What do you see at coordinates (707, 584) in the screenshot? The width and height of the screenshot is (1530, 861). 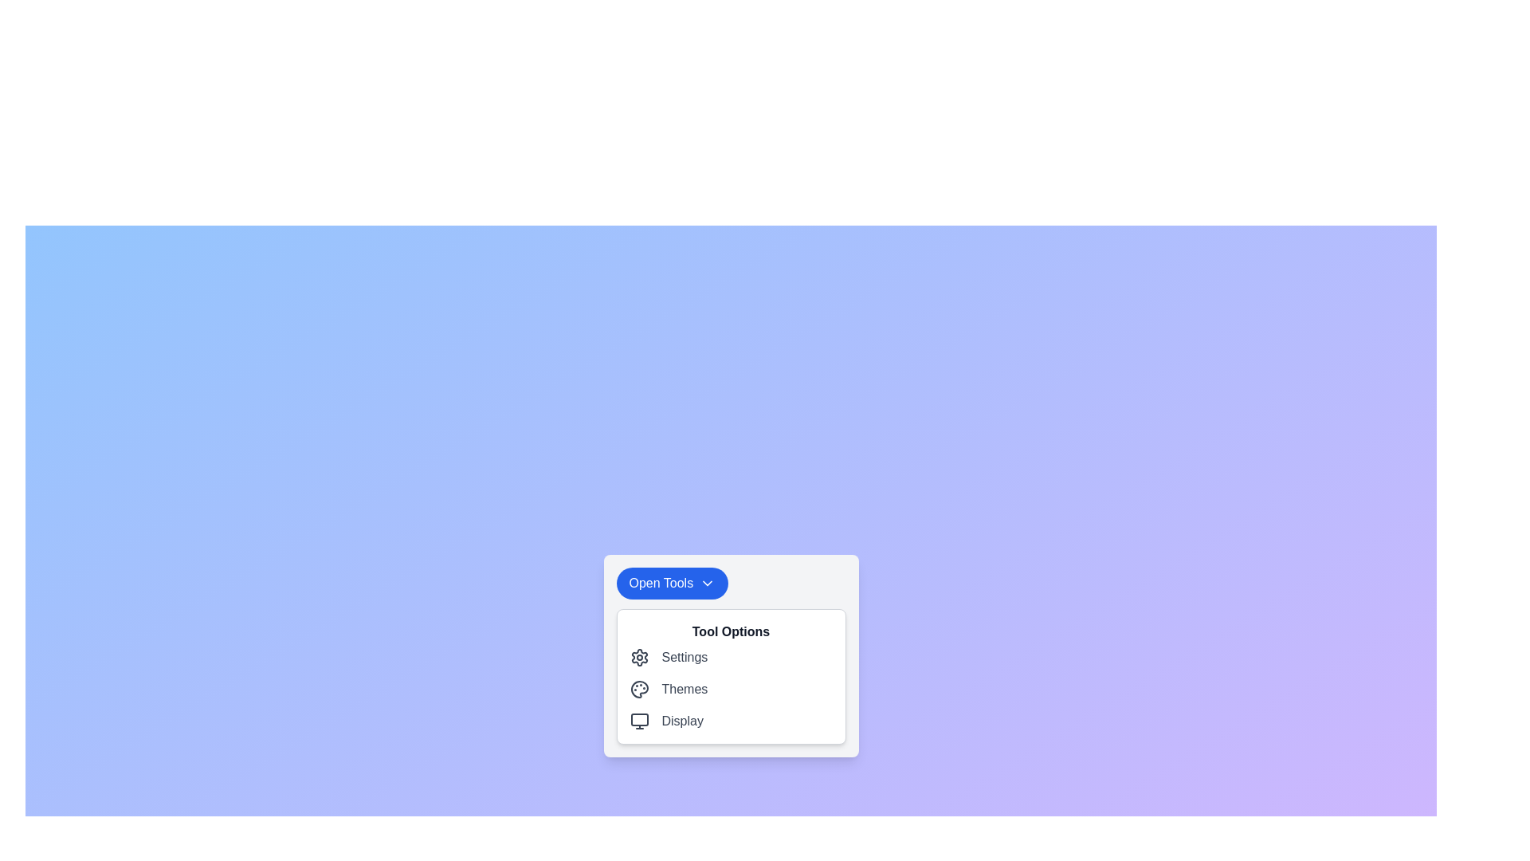 I see `the chevron icon located on the right side of the 'Open Tools' button to indicate interactivity` at bounding box center [707, 584].